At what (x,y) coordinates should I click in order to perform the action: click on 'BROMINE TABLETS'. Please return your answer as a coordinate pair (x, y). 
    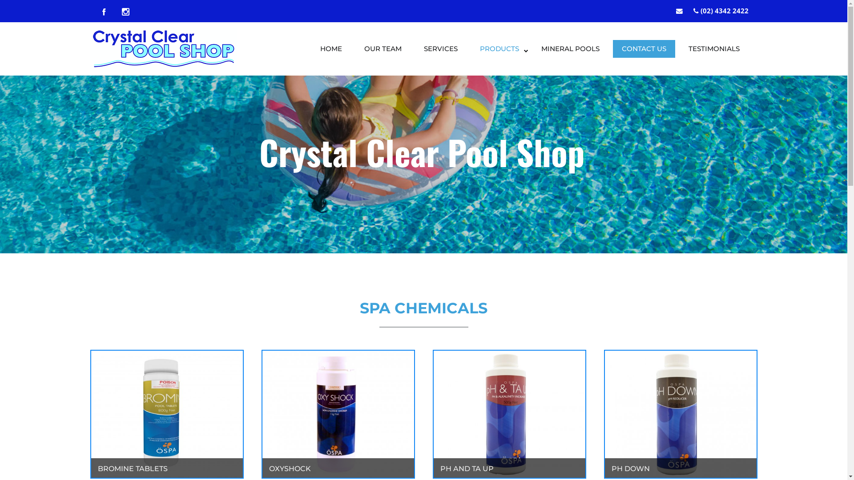
    Looking at the image, I should click on (98, 468).